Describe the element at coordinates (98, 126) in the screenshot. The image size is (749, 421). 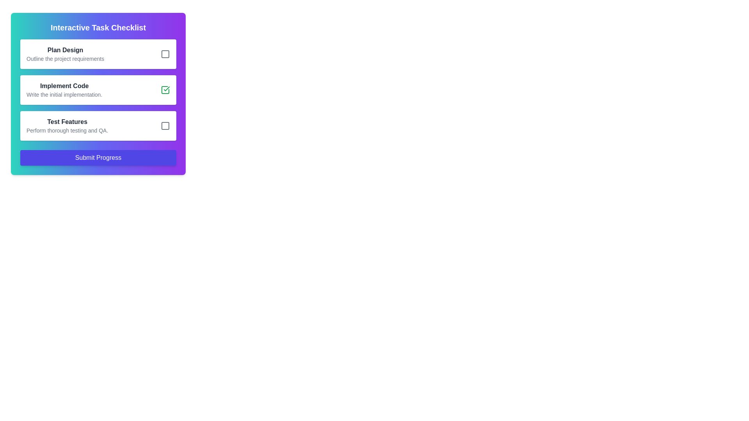
I see `the Task card with the title 'Test Features'` at that location.